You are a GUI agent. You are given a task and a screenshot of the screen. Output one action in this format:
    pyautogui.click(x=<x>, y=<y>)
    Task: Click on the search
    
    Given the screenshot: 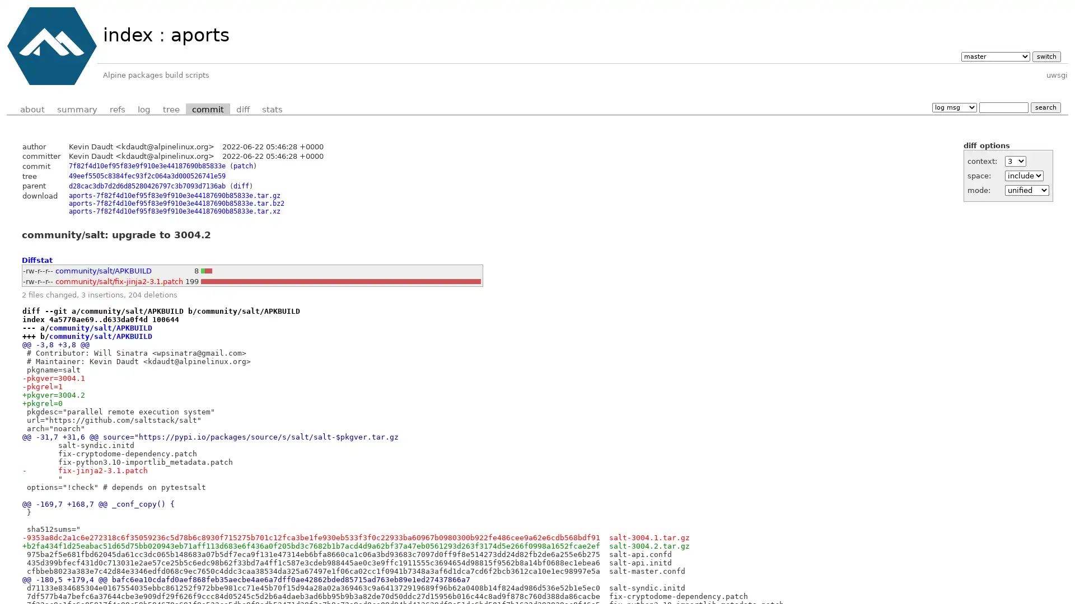 What is the action you would take?
    pyautogui.click(x=1045, y=107)
    